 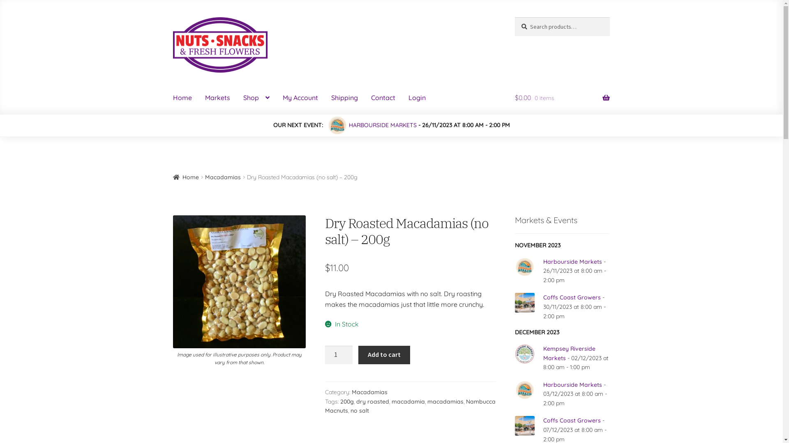 I want to click on 'Shipping', so click(x=344, y=98).